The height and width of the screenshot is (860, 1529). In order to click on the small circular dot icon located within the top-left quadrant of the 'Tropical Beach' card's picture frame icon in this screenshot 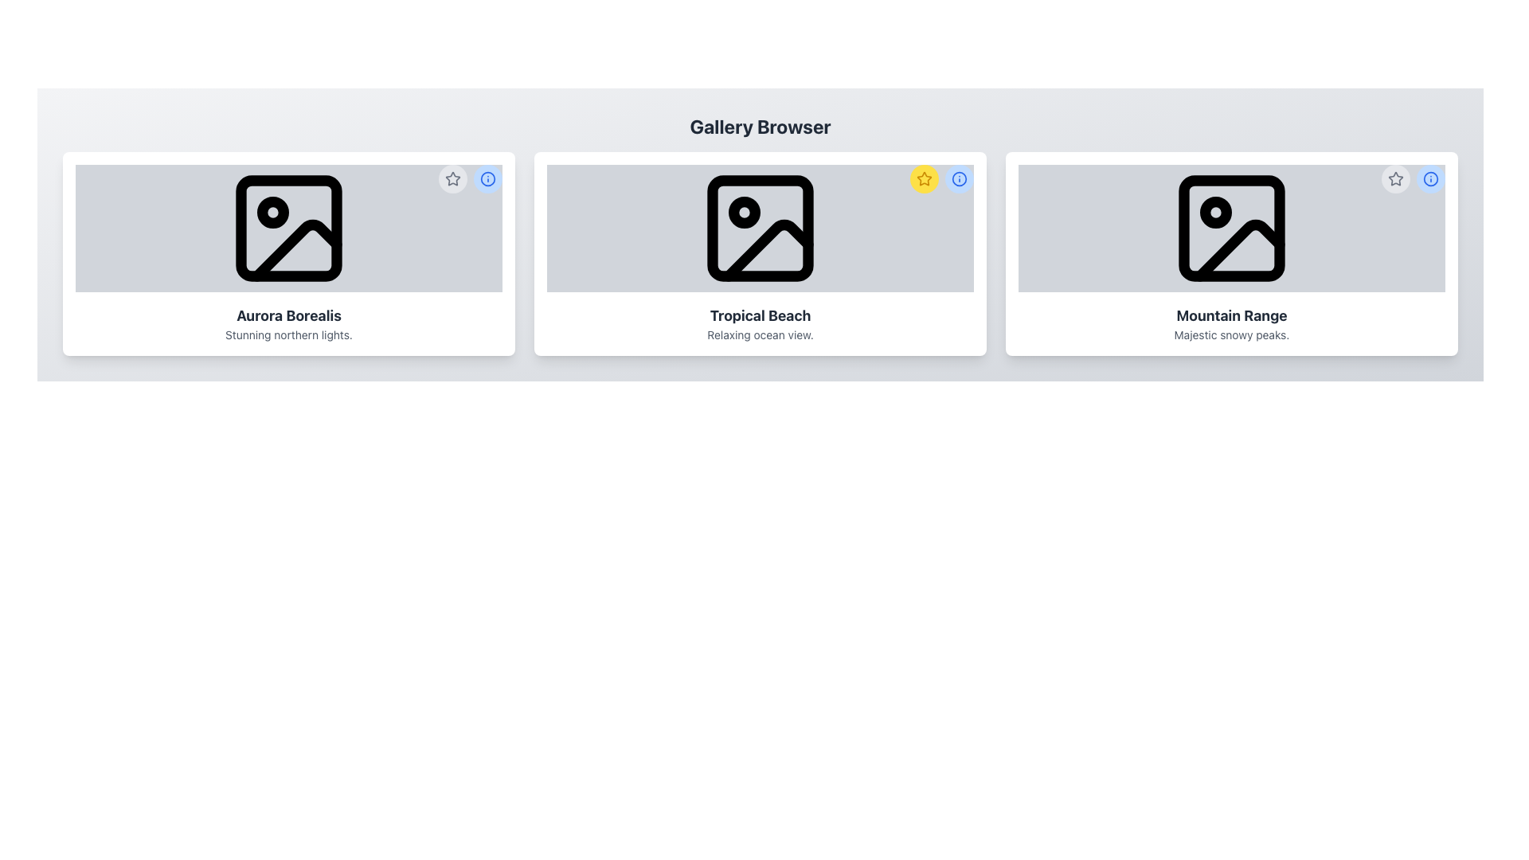, I will do `click(744, 211)`.